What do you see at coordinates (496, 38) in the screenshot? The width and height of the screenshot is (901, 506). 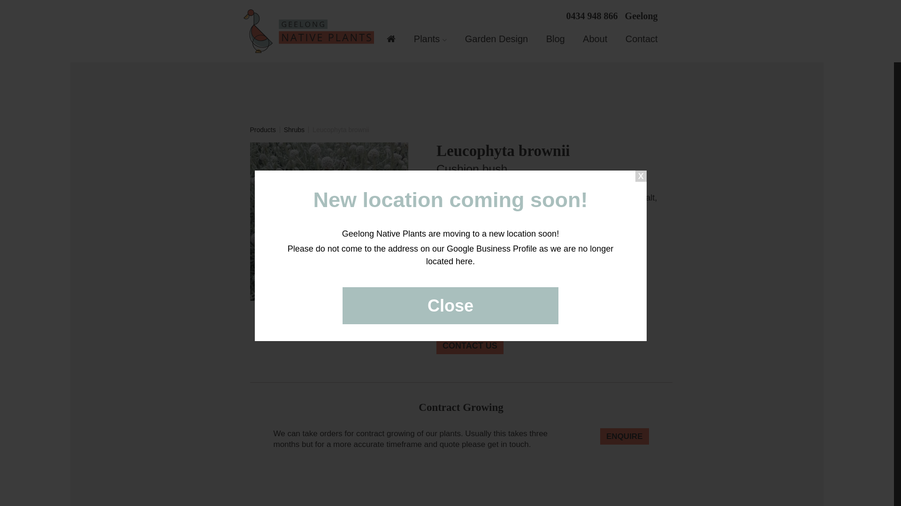 I see `'Garden Design'` at bounding box center [496, 38].